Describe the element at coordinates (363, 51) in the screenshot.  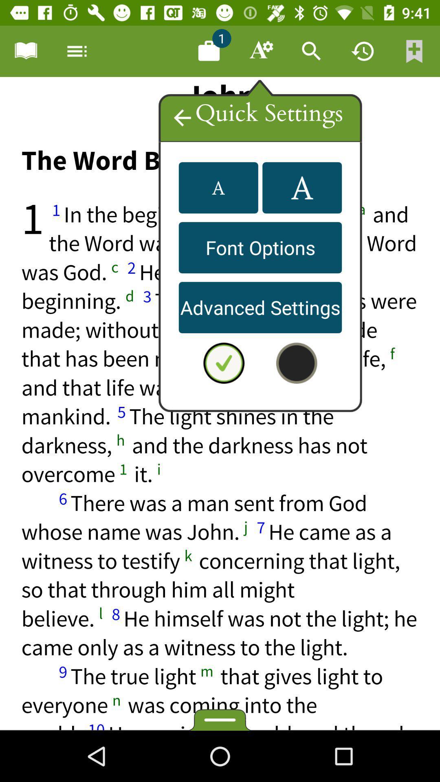
I see `reload` at that location.